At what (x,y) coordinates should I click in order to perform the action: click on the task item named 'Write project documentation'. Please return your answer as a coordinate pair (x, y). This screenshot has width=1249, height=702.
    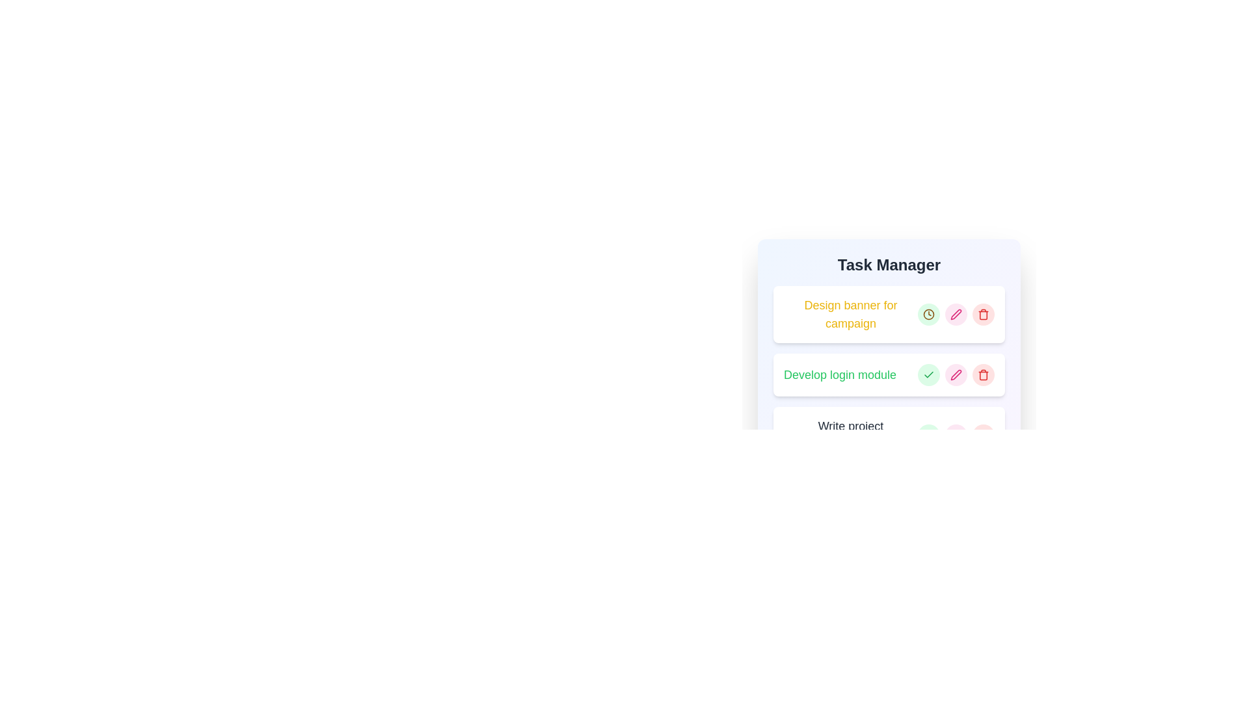
    Looking at the image, I should click on (889, 435).